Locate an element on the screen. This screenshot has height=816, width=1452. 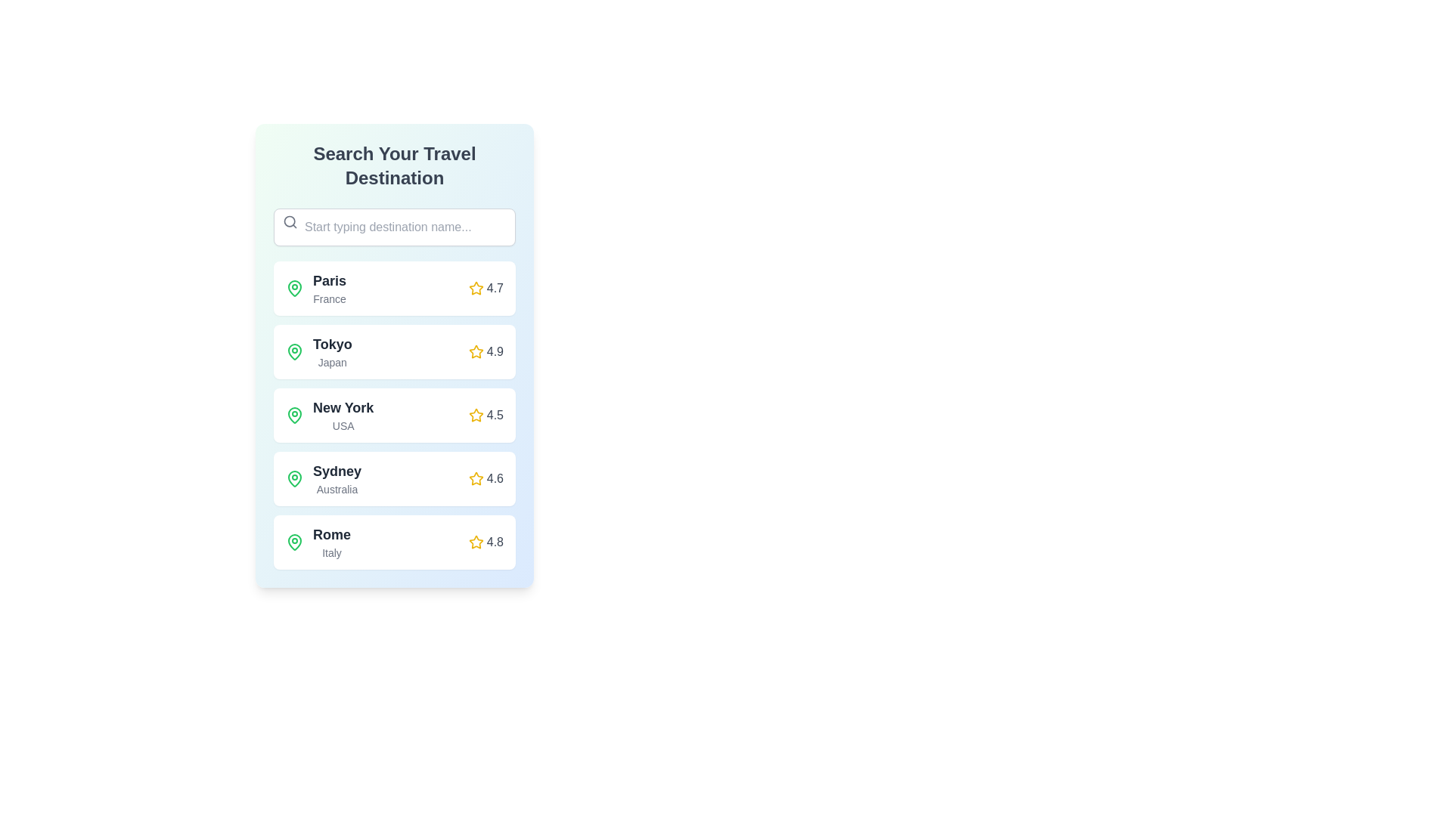
the Text Label that displays 'Rome' in the travel destination list, which appears above 'Italy' and to the right of the map pin icon is located at coordinates (331, 534).